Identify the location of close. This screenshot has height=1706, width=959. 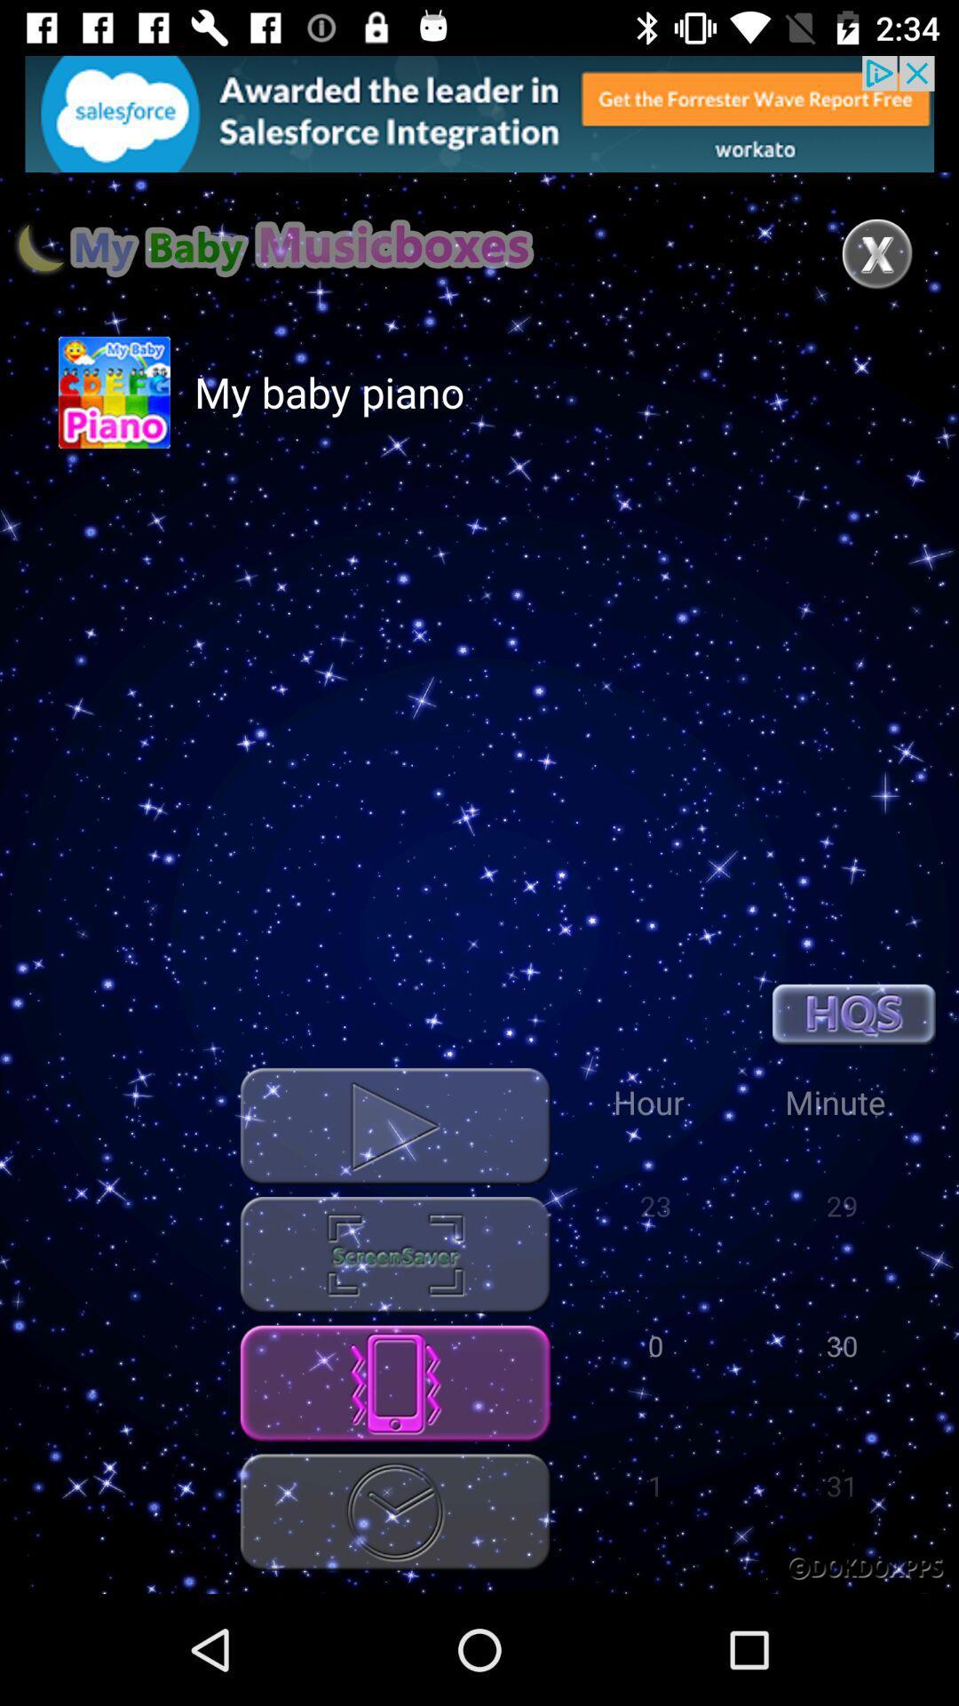
(876, 253).